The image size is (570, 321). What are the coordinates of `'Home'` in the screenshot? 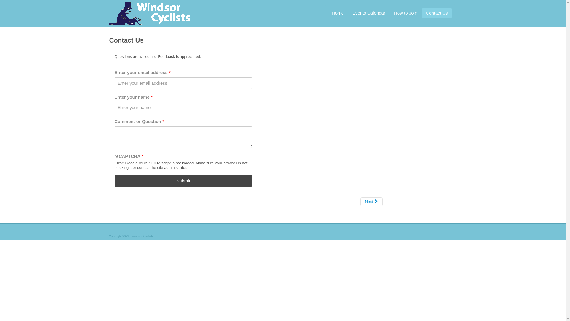 It's located at (338, 13).